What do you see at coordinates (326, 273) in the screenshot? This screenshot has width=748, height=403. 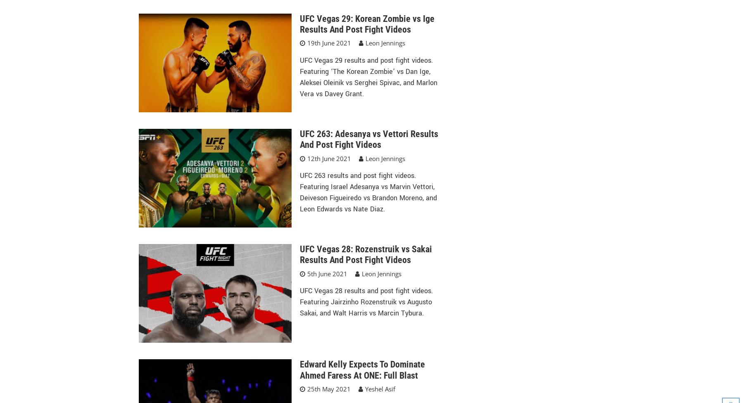 I see `'5th June 2021'` at bounding box center [326, 273].